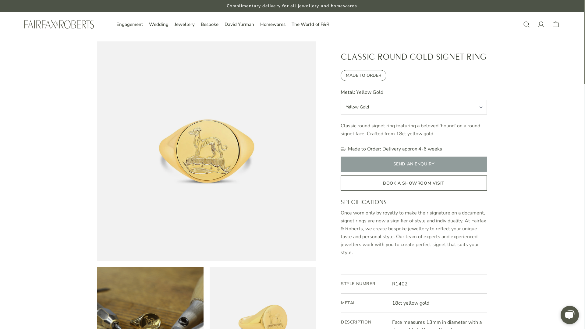 The height and width of the screenshot is (329, 585). I want to click on 'Account Dashboard', so click(541, 24).